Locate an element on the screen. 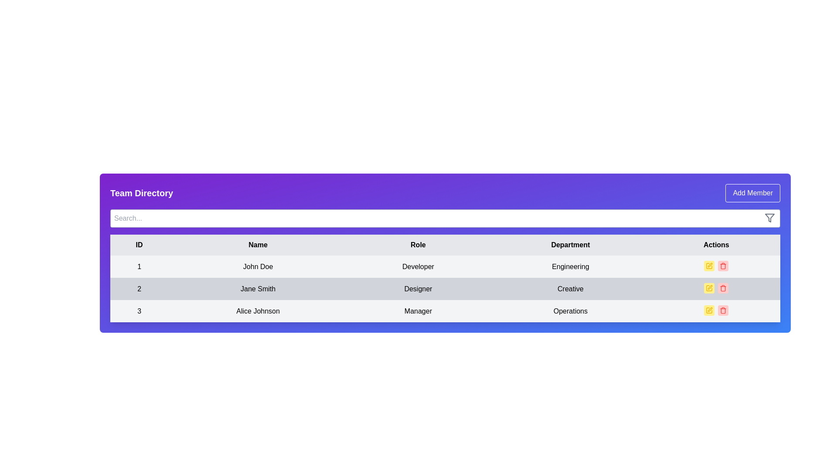 The height and width of the screenshot is (471, 837). the static text element displaying 'Jane Smith' in bold, located in the second row of the table under the 'Name' column is located at coordinates (258, 289).